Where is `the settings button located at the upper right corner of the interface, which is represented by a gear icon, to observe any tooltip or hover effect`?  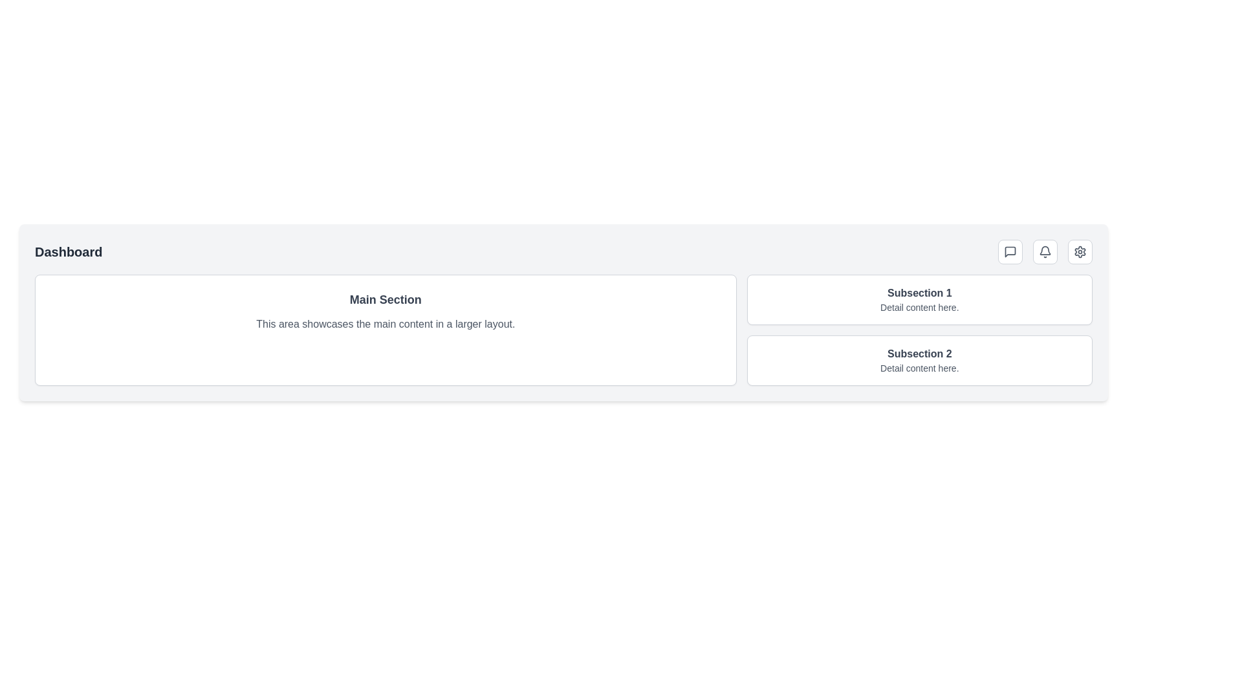
the settings button located at the upper right corner of the interface, which is represented by a gear icon, to observe any tooltip or hover effect is located at coordinates (1080, 251).